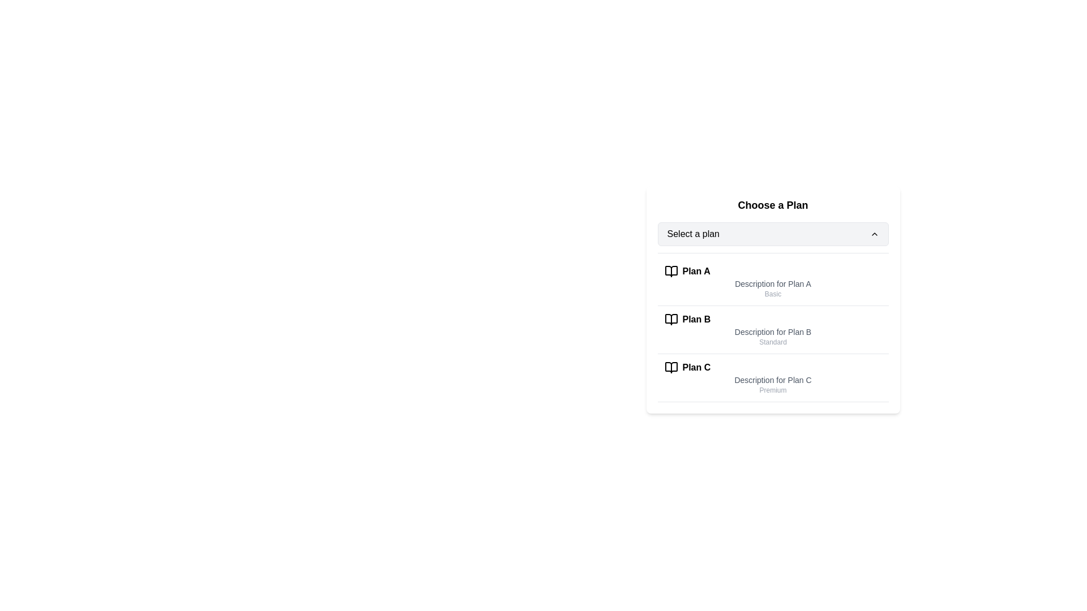 The height and width of the screenshot is (611, 1087). What do you see at coordinates (772, 330) in the screenshot?
I see `to select the highlighted list option 'Plan B', which has bold text and is the second item in a vertical list` at bounding box center [772, 330].